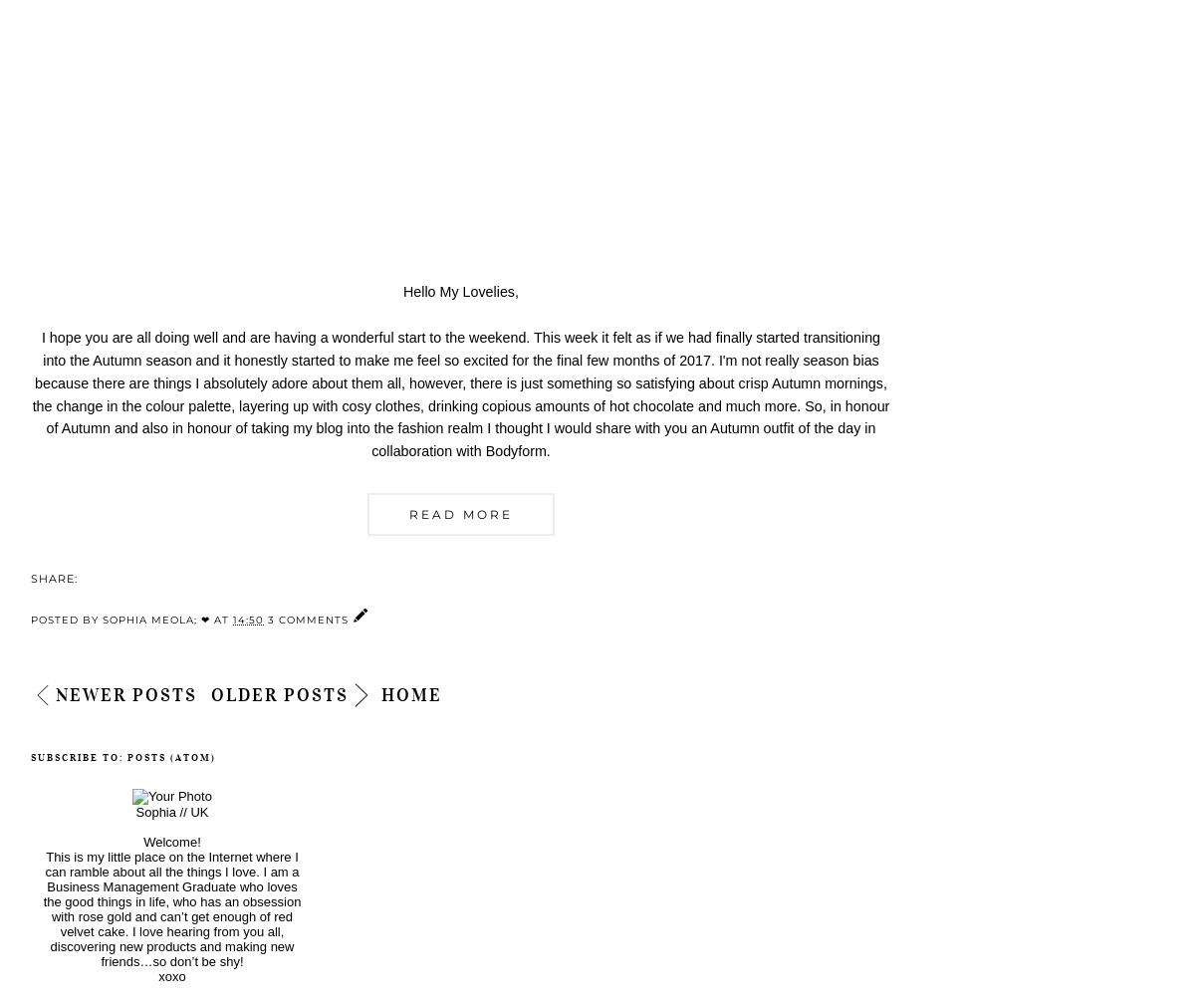 Image resolution: width=1203 pixels, height=1003 pixels. Describe the element at coordinates (171, 756) in the screenshot. I see `'Posts (Atom)'` at that location.